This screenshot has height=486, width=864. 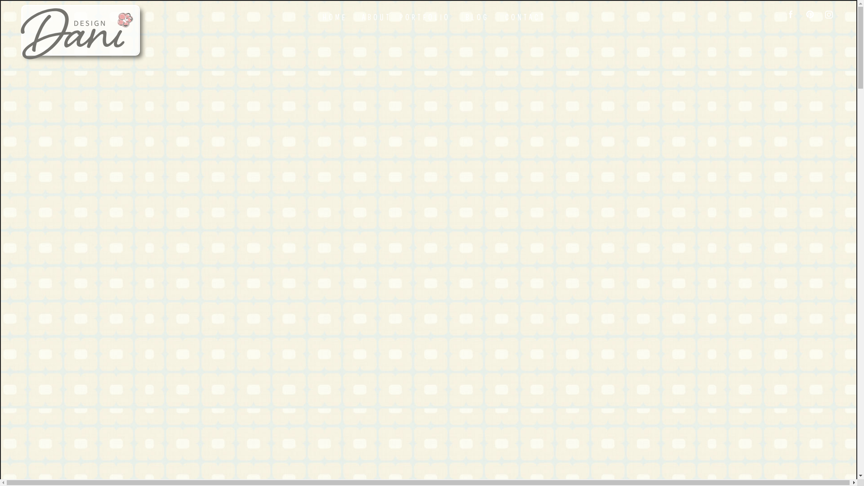 I want to click on 'CONTACT', so click(x=525, y=17).